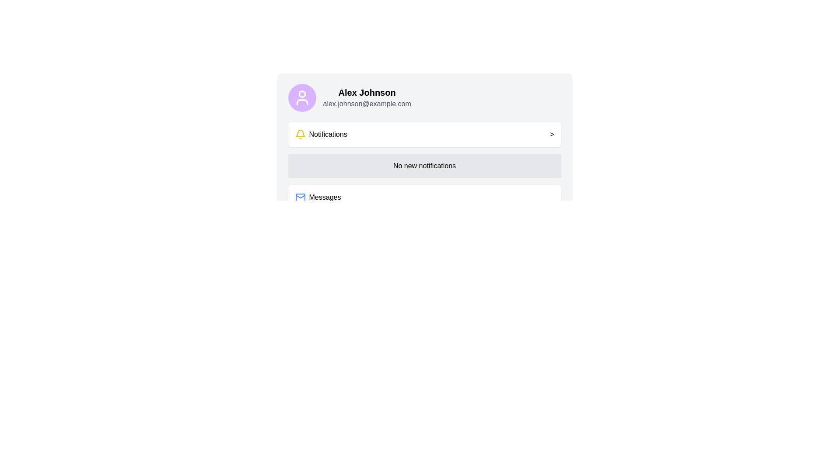 This screenshot has height=472, width=840. Describe the element at coordinates (325, 197) in the screenshot. I see `the 'Messages' text label located beneath the 'Notifications' section to potentially display a tooltip` at that location.